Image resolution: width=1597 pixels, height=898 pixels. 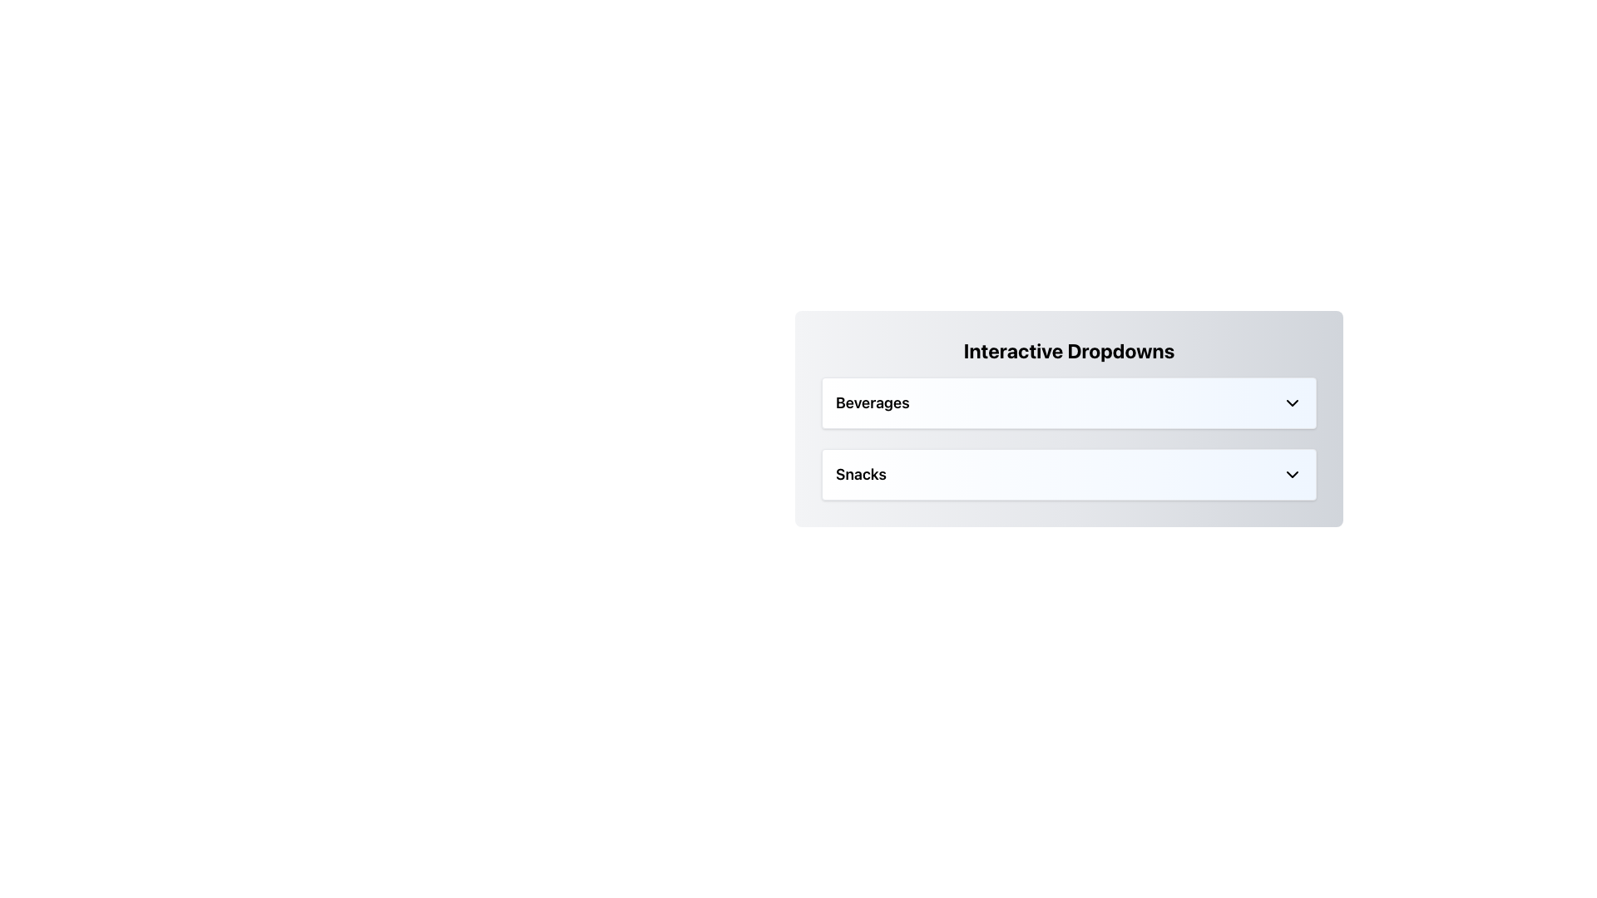 I want to click on the 'Beverages' dropdown toggle, so click(x=1069, y=403).